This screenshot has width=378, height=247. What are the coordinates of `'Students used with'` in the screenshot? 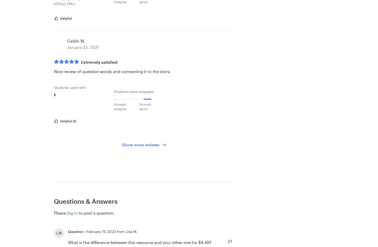 It's located at (54, 87).